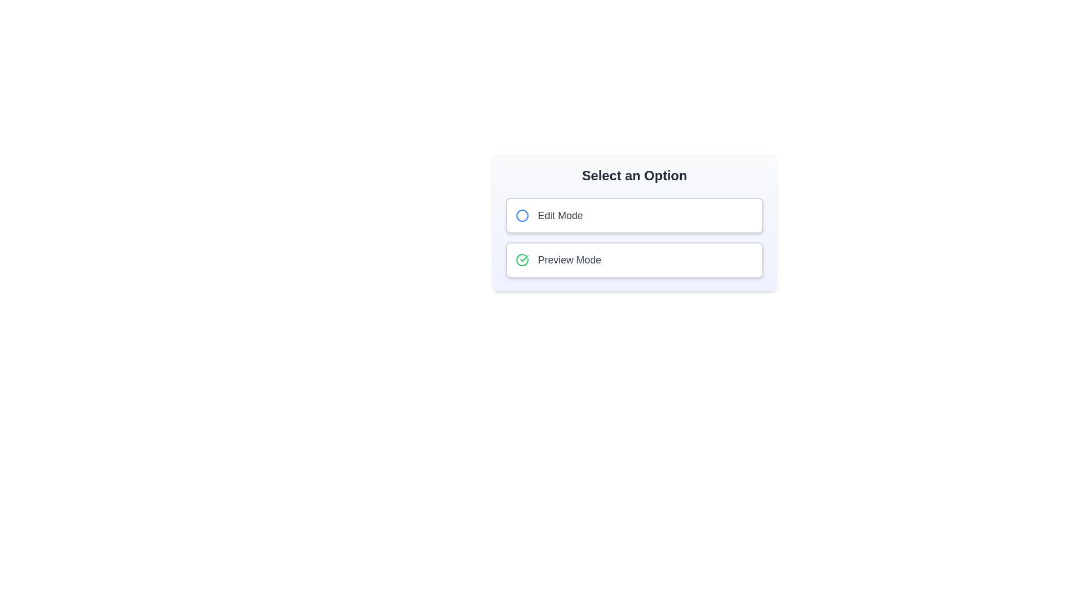 The image size is (1066, 599). Describe the element at coordinates (521, 260) in the screenshot. I see `the checkmark icon in the 'Preview Mode' option group, which indicates the active or default state of this choice` at that location.